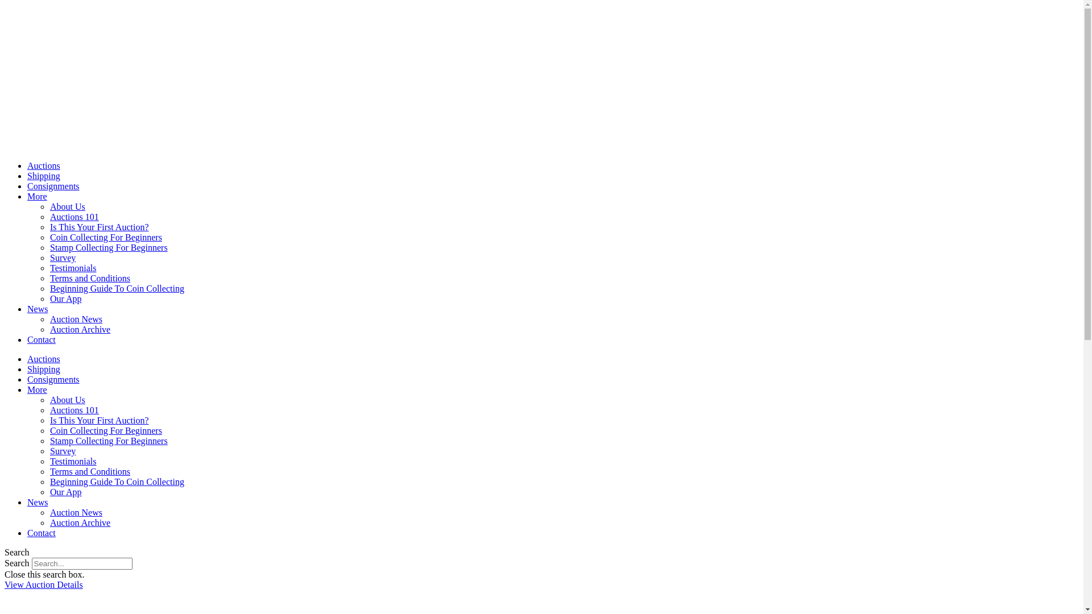  Describe the element at coordinates (49, 278) in the screenshot. I see `'Terms and Conditions'` at that location.